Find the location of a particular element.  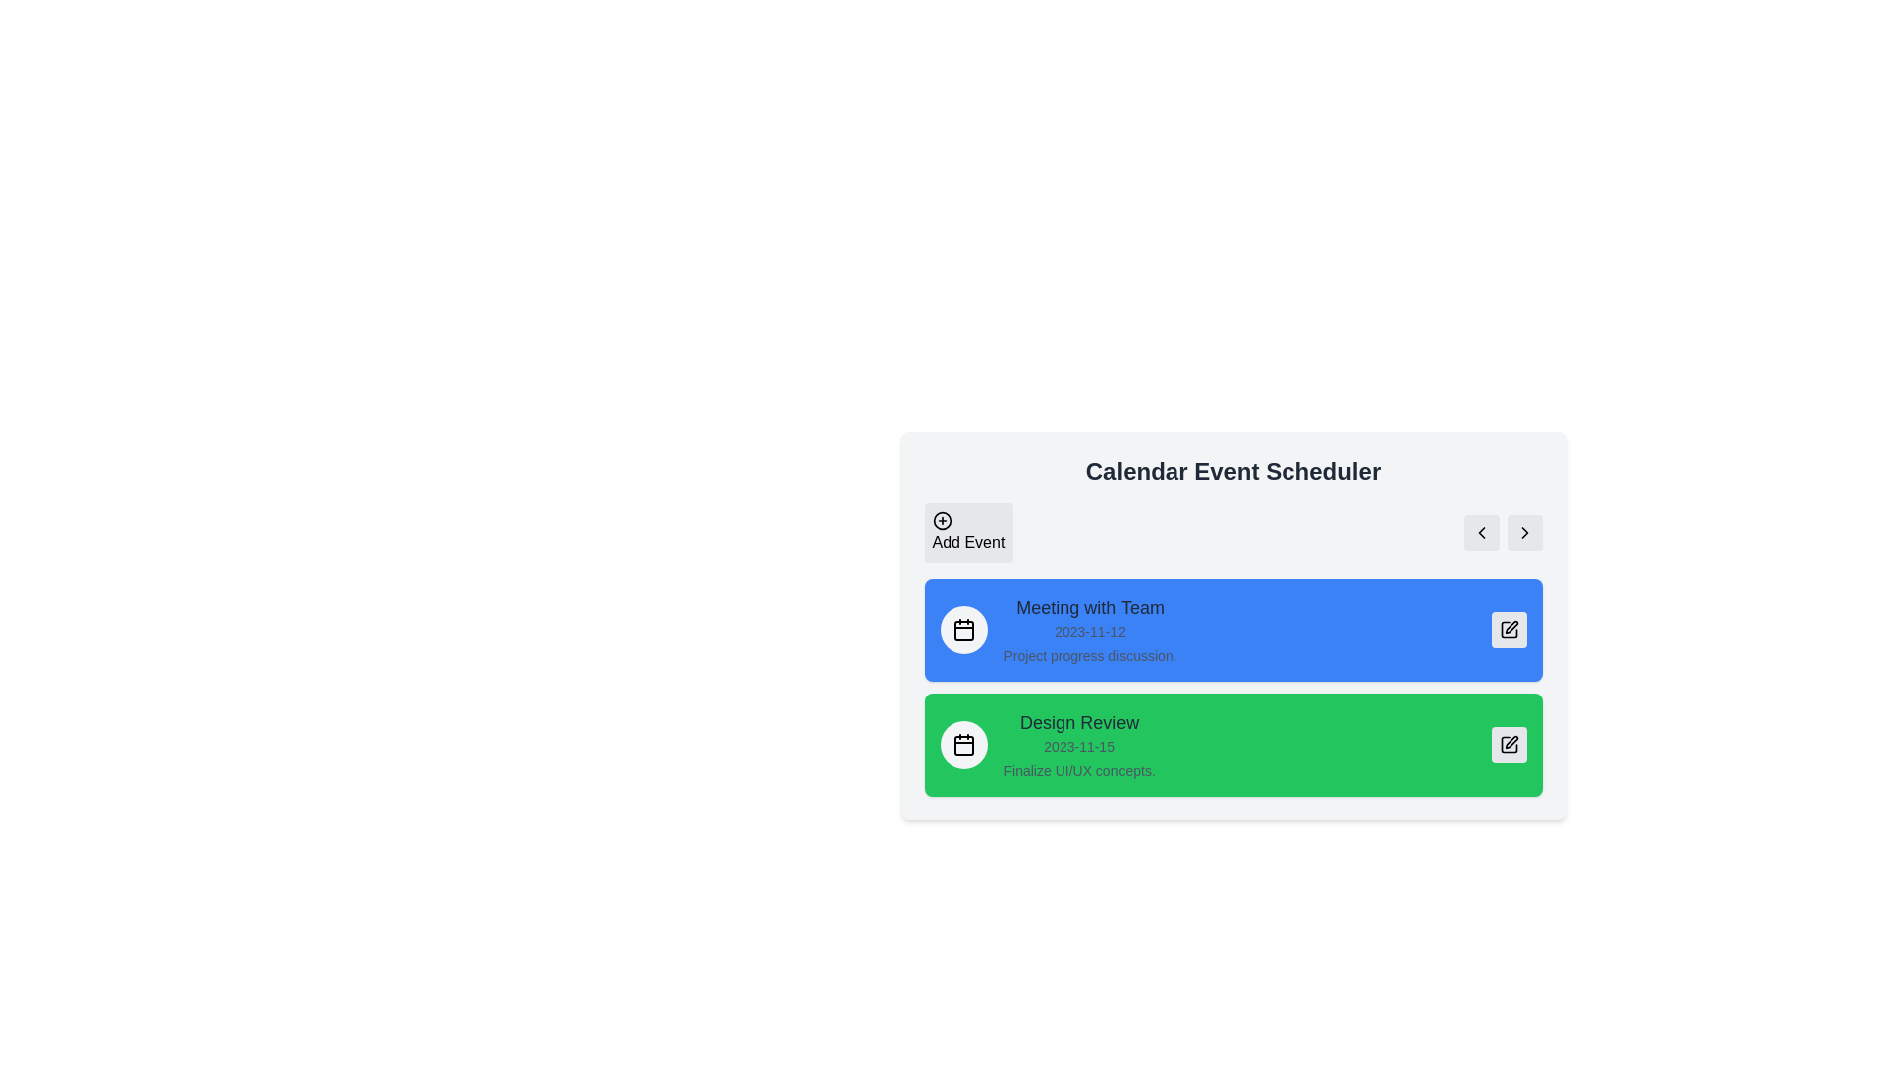

the 'Add Event' button, which is a rectangular button with rounded corners, featuring a plus icon and bold black text on a light gray background is located at coordinates (968, 531).